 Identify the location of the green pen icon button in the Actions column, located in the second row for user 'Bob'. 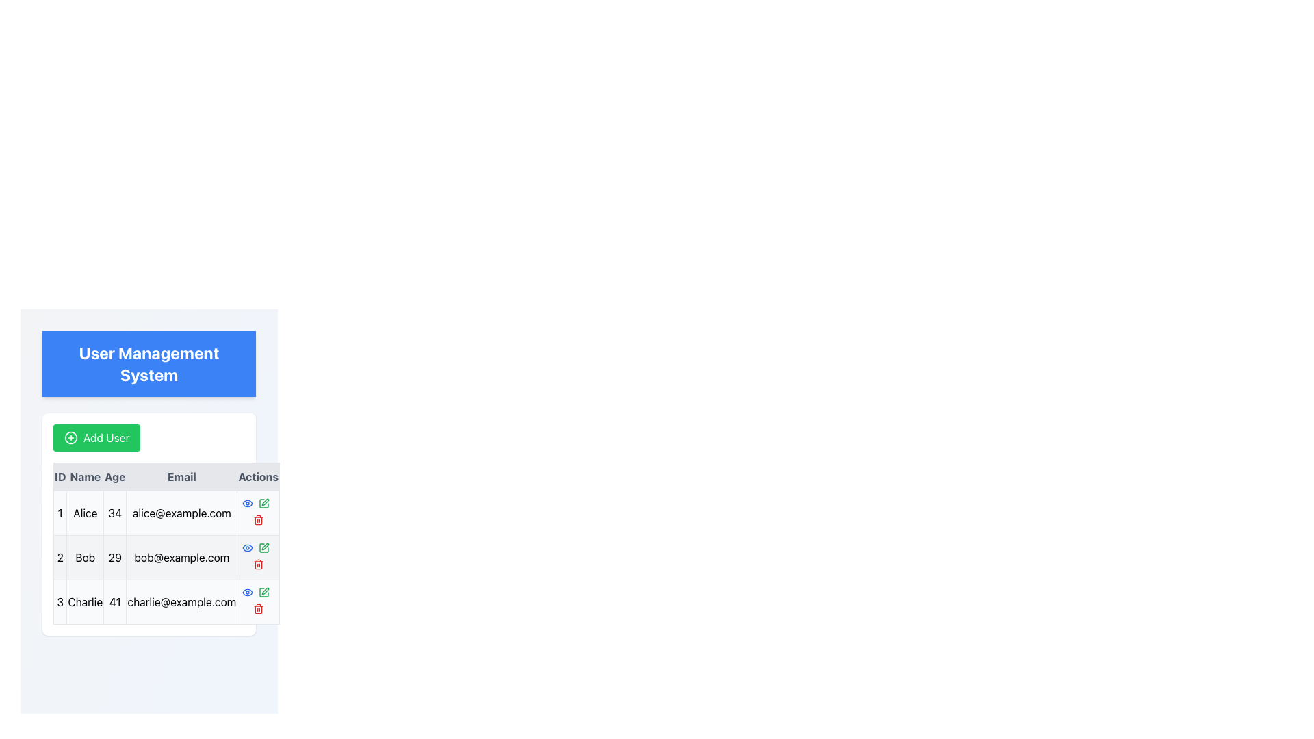
(263, 504).